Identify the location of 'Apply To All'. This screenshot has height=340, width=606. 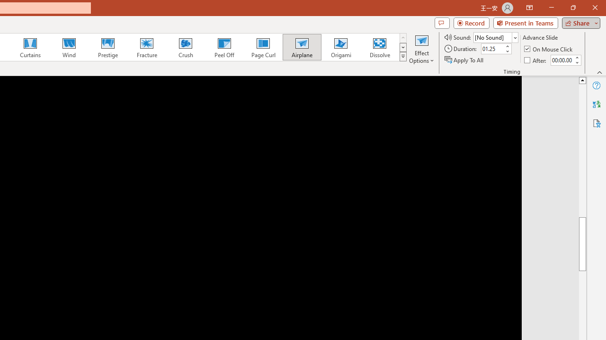
(464, 60).